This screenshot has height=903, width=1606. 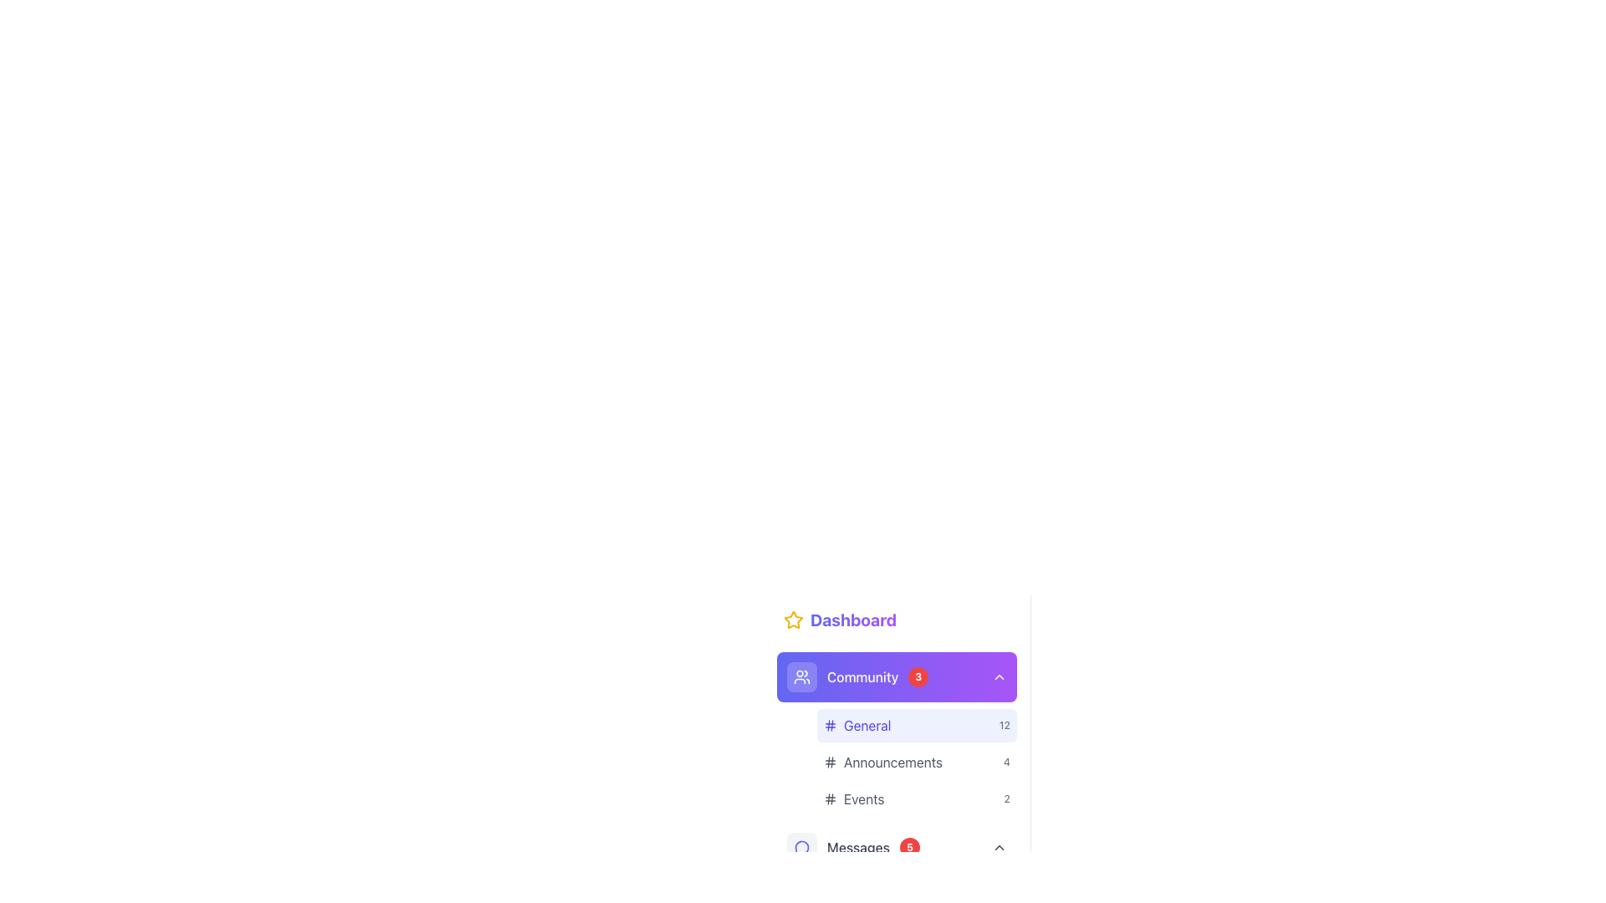 I want to click on the 'Messages' icon in the sidebar above the 'Messages' section, so click(x=800, y=848).